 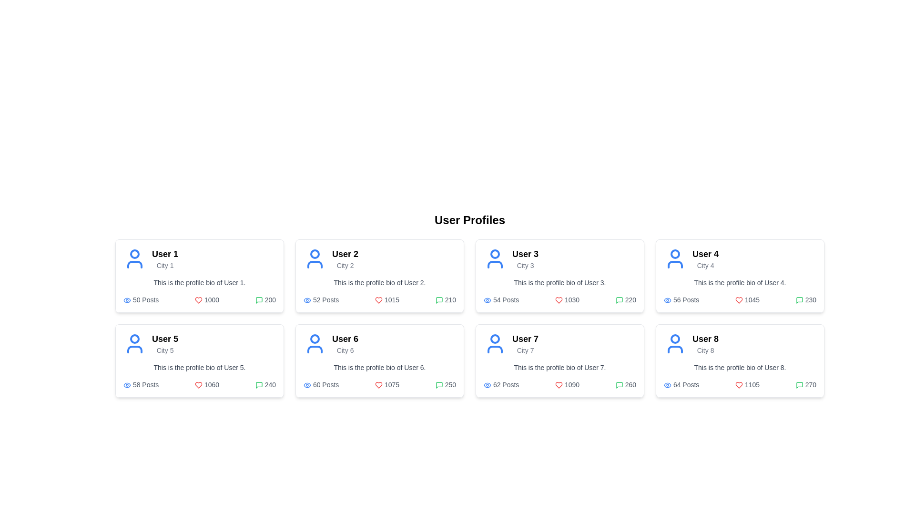 I want to click on the speech bubble icon located at the bottom right corner of the user profile card labeled 'User 8', so click(x=799, y=385).